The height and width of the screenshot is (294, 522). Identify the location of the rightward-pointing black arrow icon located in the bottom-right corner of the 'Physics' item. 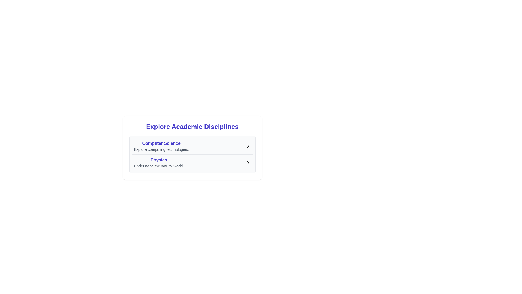
(248, 162).